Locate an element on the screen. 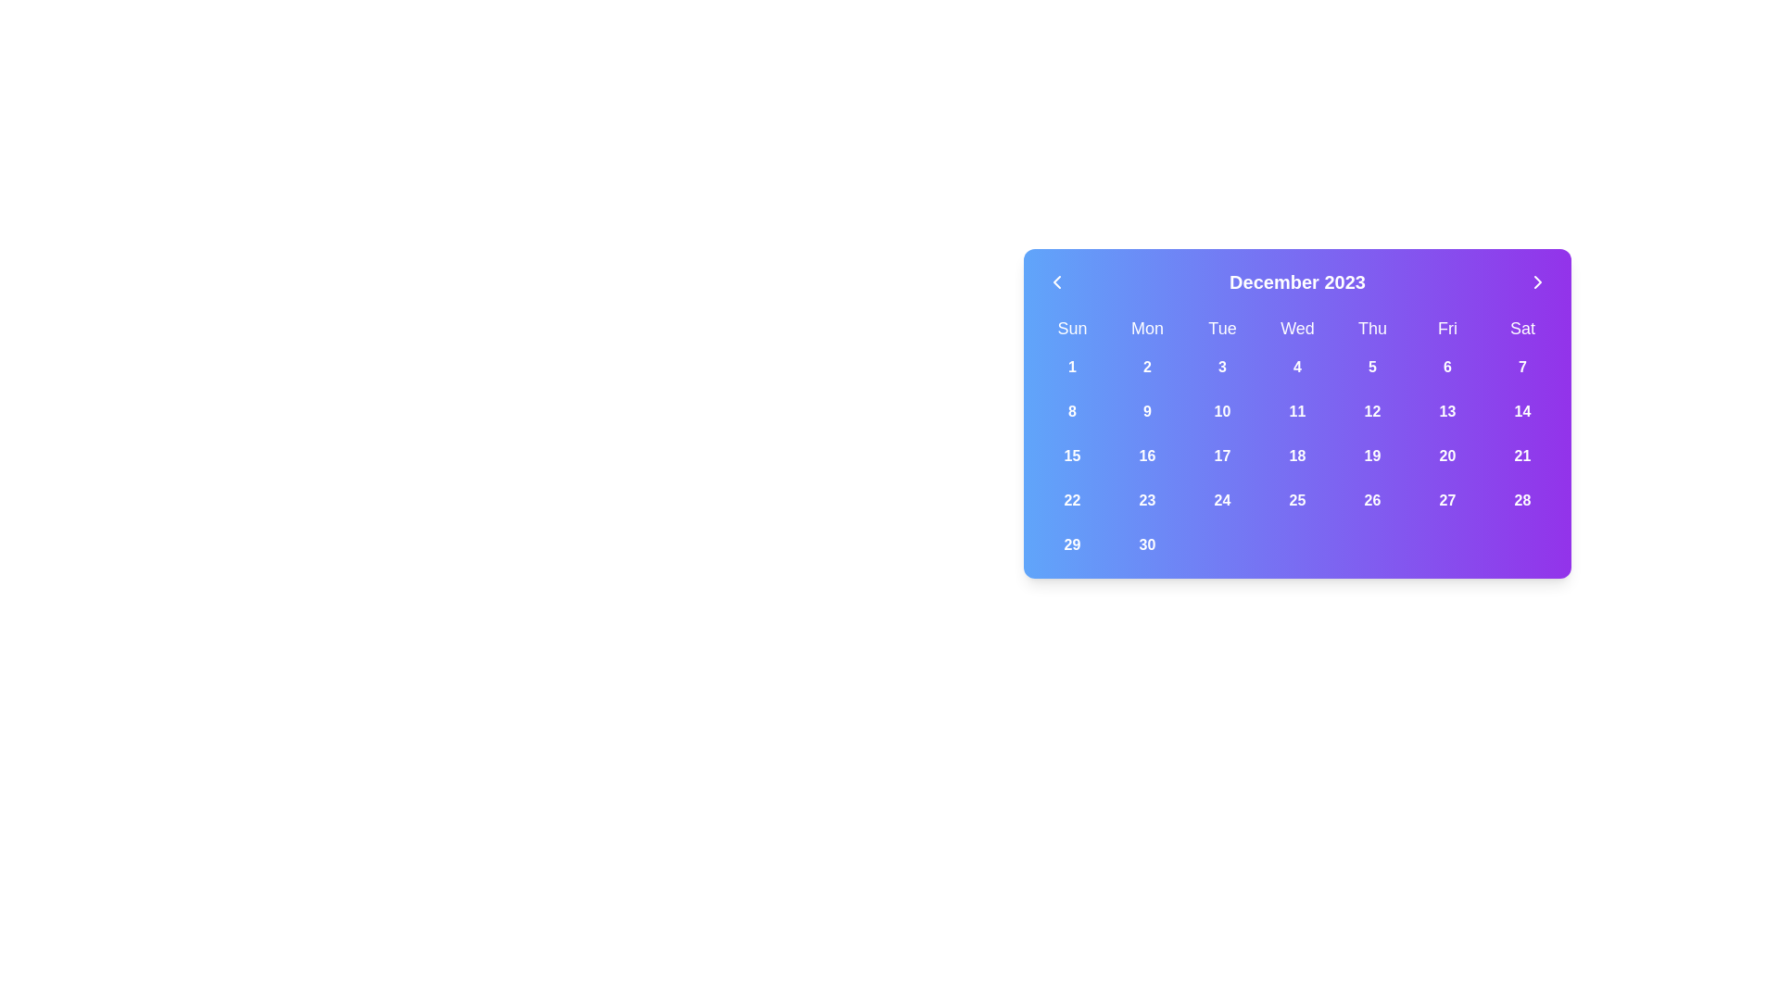  the right-pointing chevron arrow button located in the top-right corner of the calendar interface is located at coordinates (1538, 281).